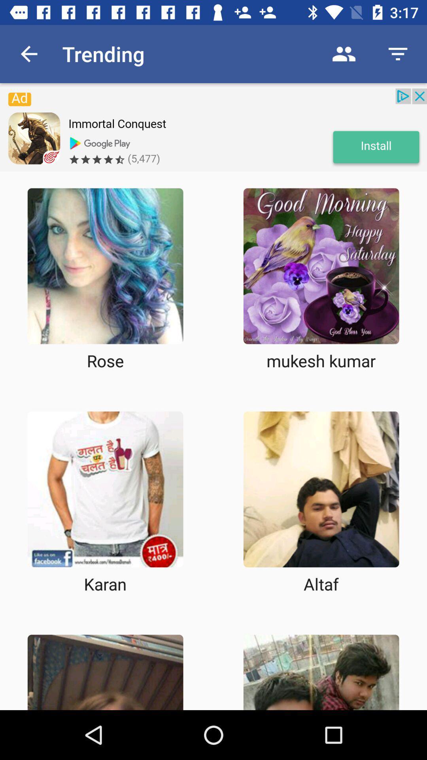  I want to click on option, so click(321, 266).